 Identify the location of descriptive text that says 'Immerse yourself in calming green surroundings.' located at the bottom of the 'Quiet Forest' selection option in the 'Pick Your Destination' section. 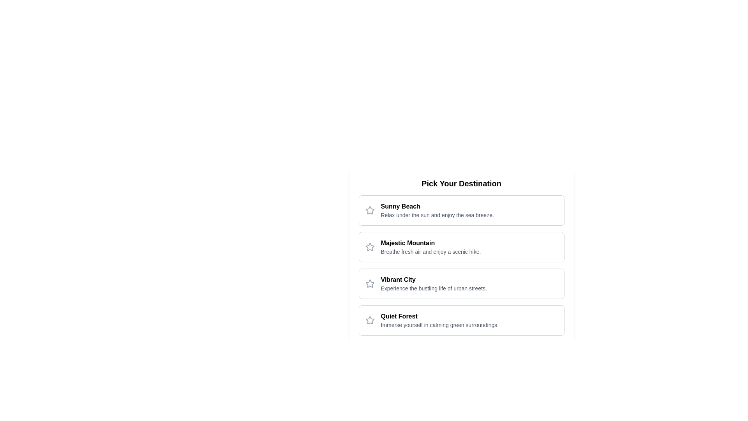
(439, 325).